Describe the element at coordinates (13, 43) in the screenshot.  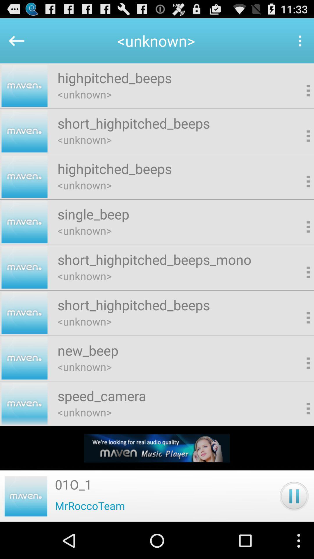
I see `the arrow_backward icon` at that location.